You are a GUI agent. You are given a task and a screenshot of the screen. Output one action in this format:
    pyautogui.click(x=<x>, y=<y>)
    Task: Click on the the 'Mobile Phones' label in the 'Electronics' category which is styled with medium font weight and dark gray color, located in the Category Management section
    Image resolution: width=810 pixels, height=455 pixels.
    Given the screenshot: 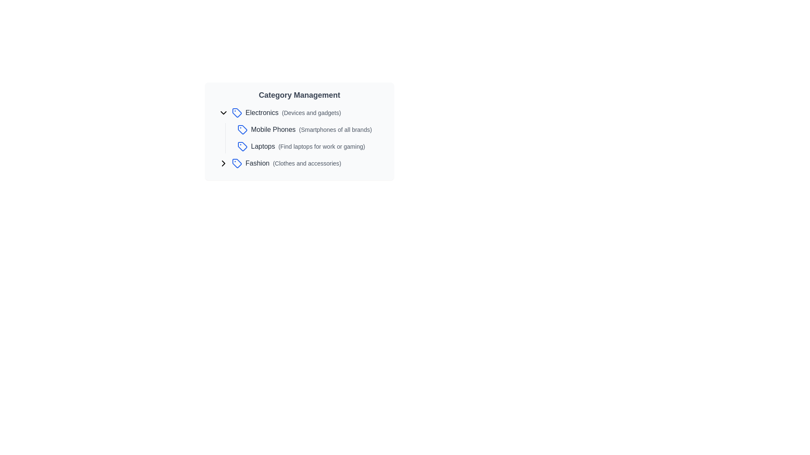 What is the action you would take?
    pyautogui.click(x=311, y=130)
    